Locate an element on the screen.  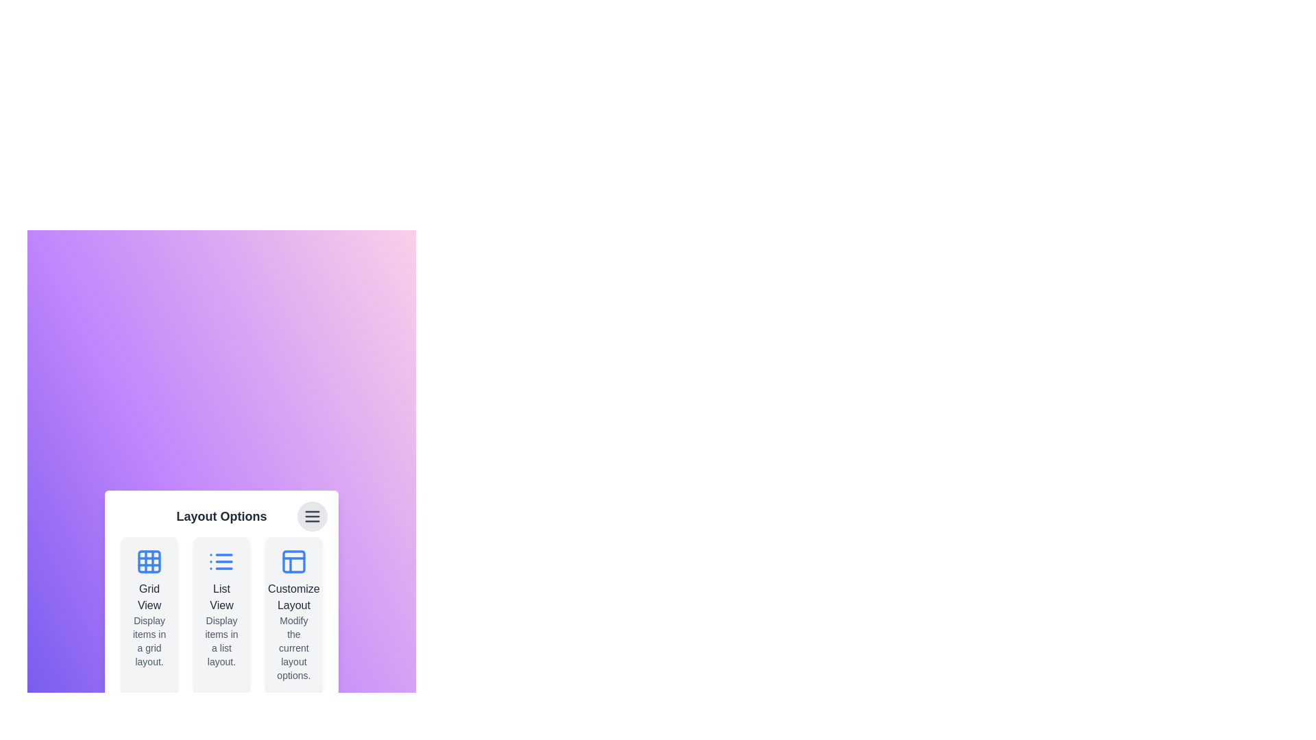
the 'Grid View' card to select it is located at coordinates (149, 615).